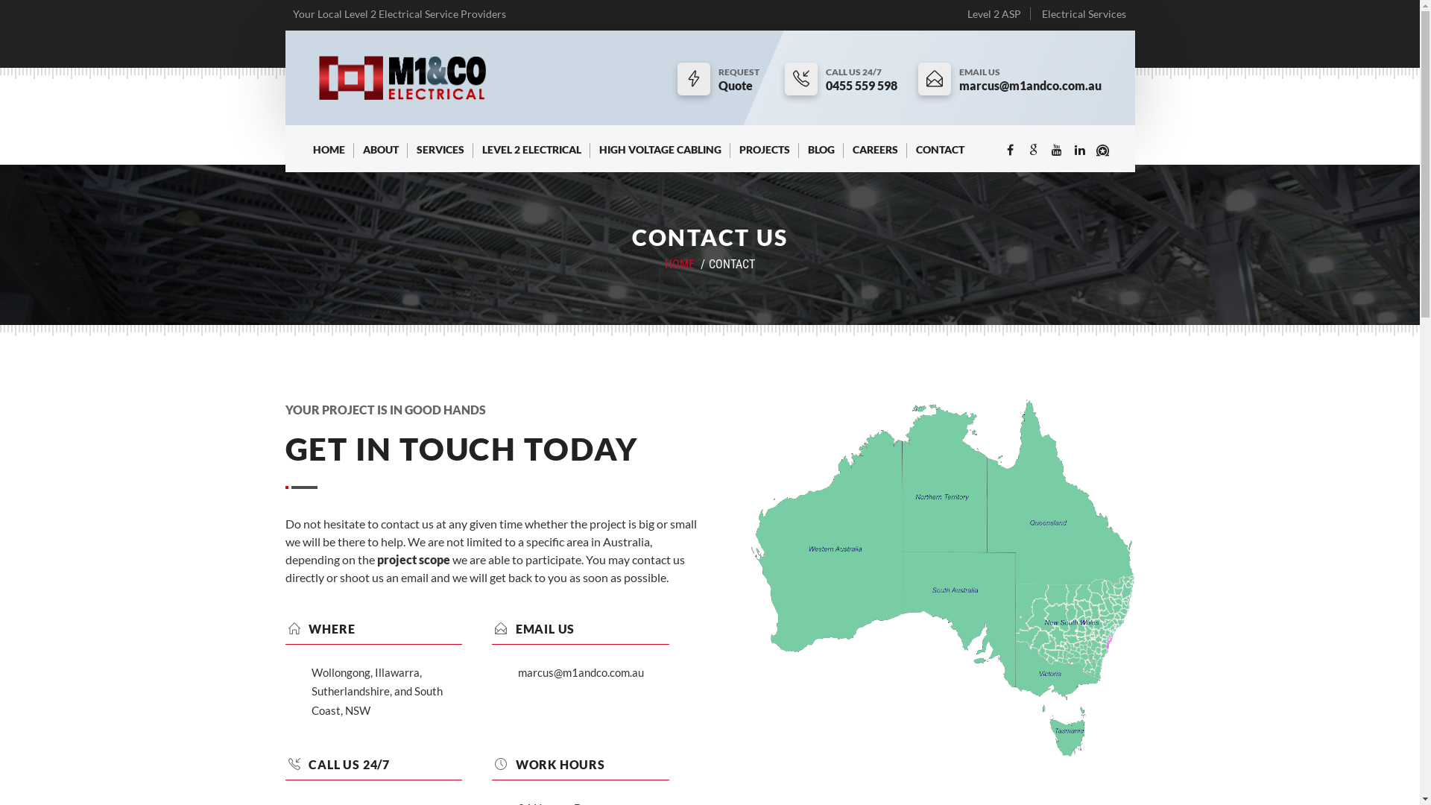  Describe the element at coordinates (862, 86) in the screenshot. I see `'0455 559 598'` at that location.